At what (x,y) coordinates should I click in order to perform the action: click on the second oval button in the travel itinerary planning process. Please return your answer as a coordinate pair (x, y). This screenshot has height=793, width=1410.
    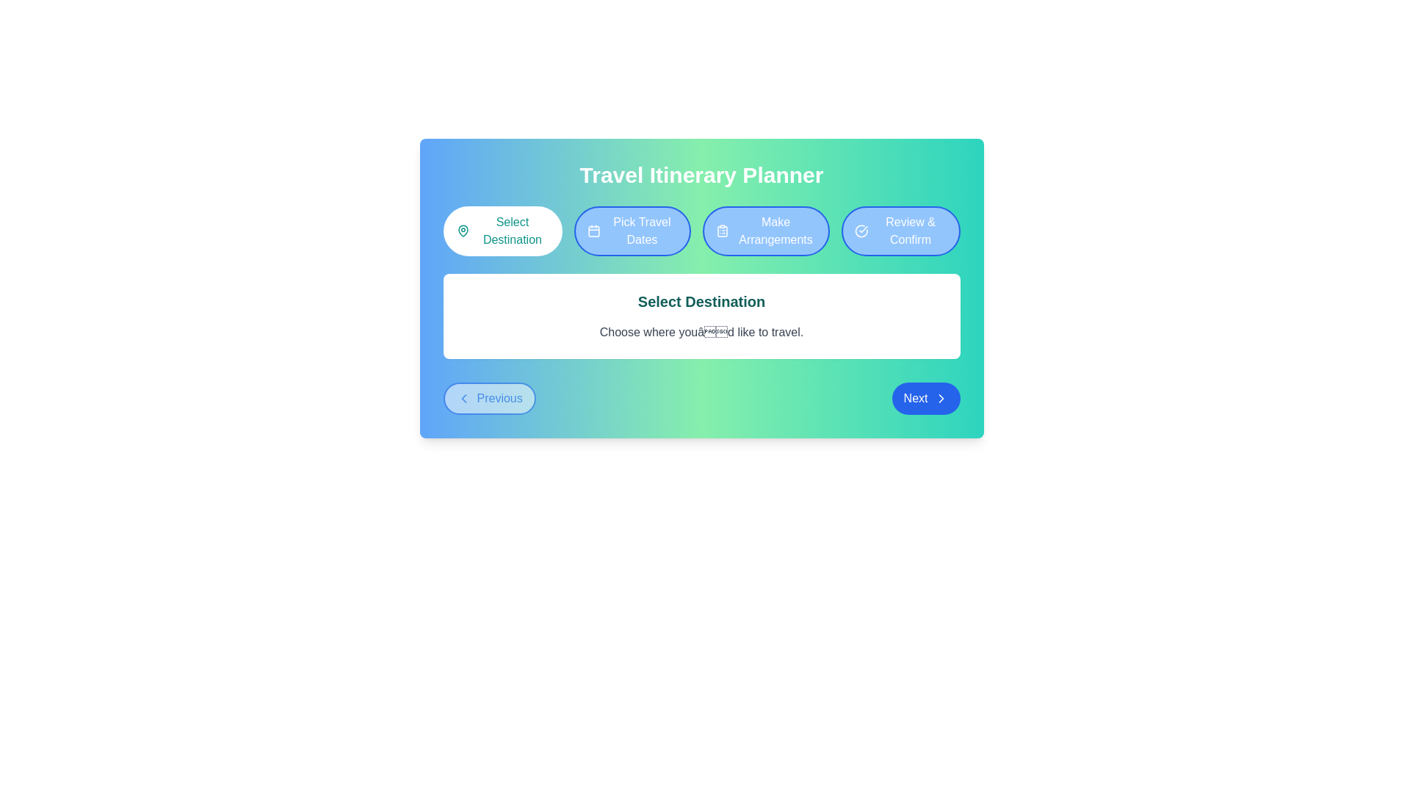
    Looking at the image, I should click on (632, 231).